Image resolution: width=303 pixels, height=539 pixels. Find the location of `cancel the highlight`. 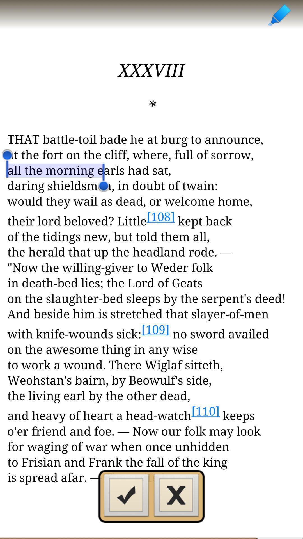

cancel the highlight is located at coordinates (176, 497).